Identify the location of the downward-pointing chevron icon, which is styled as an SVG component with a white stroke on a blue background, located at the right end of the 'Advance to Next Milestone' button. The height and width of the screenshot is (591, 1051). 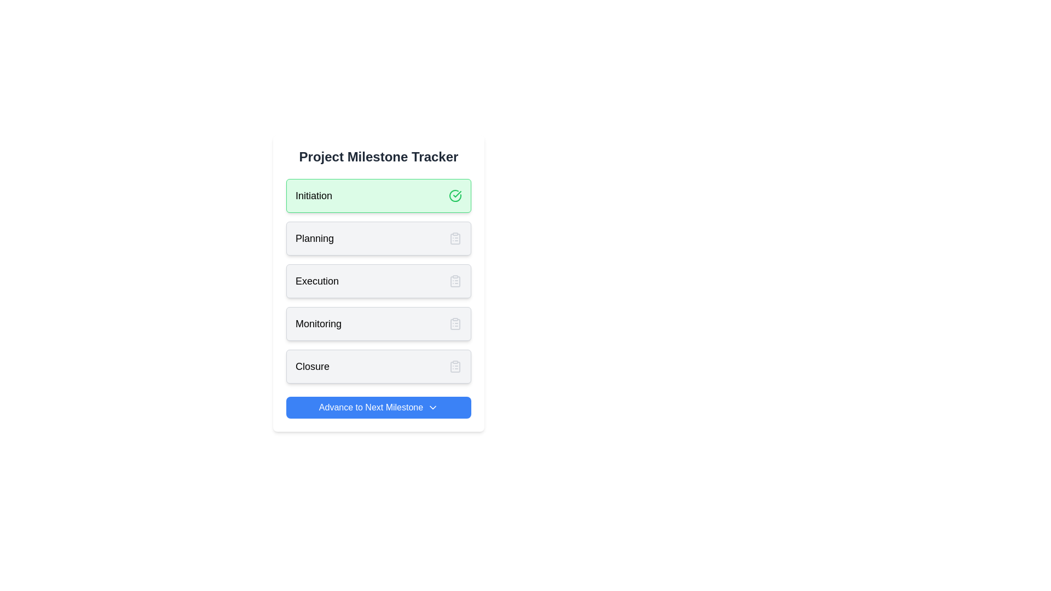
(432, 407).